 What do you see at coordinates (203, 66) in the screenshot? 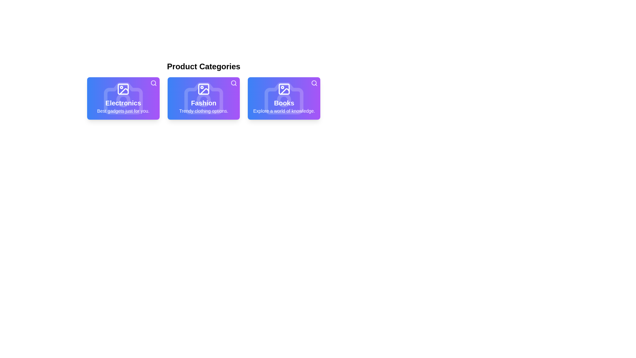
I see `the header text 'Product Categories', which is prominently styled and located at the top center of the section containing category cards` at bounding box center [203, 66].